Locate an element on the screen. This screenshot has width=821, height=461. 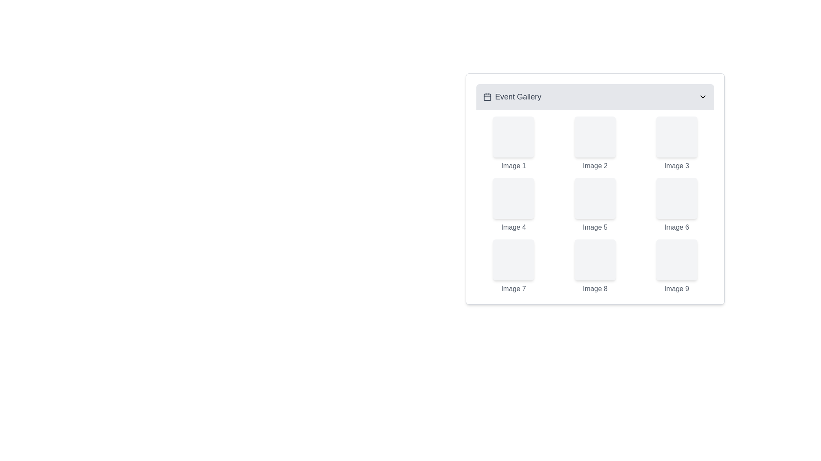
the 'Image 3' text label which is displayed in gray and positioned in the first row, third column of a grid layout, beneath an image placeholder is located at coordinates (676, 166).